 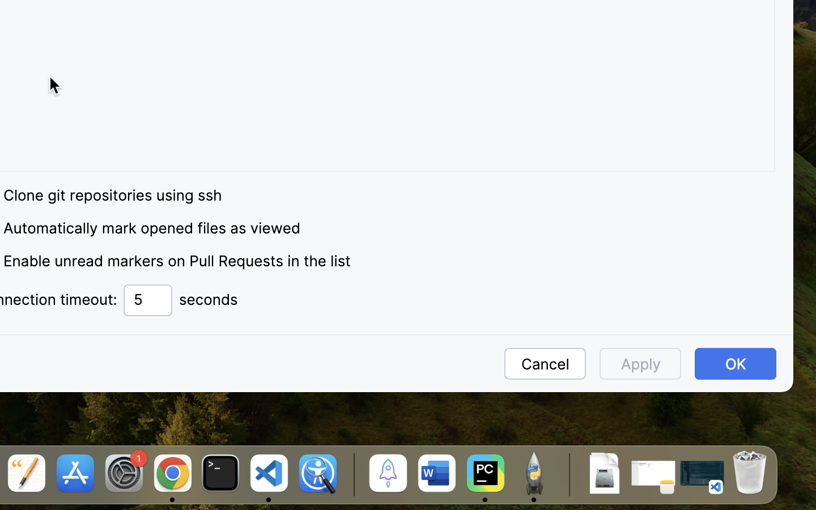 What do you see at coordinates (351, 474) in the screenshot?
I see `'0.4285714328289032'` at bounding box center [351, 474].